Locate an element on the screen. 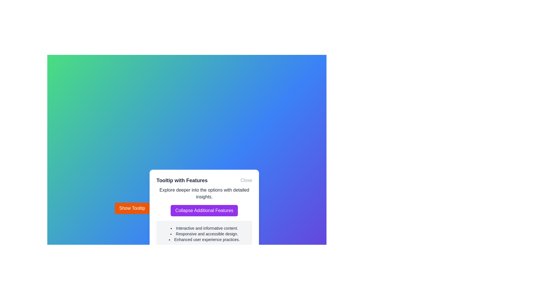  the first bulleted text item 'Interactive and informative content.' in the 'Tooltip with Features' is located at coordinates (204, 228).